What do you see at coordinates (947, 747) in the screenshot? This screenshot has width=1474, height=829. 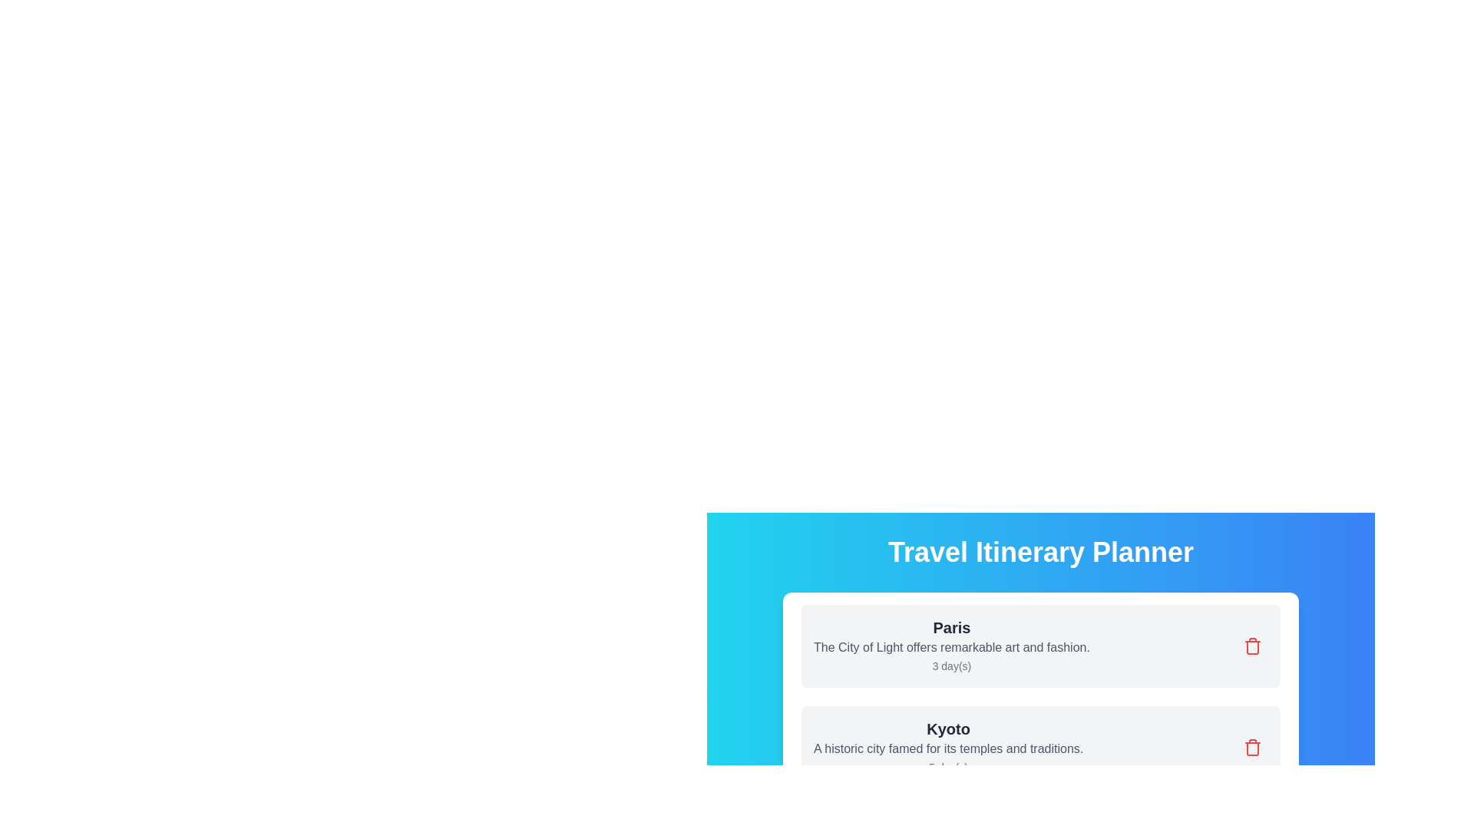 I see `text displayed in the Information panel for the travel destination, which is positioned below the 'Paris' section and has a light gray background` at bounding box center [947, 747].